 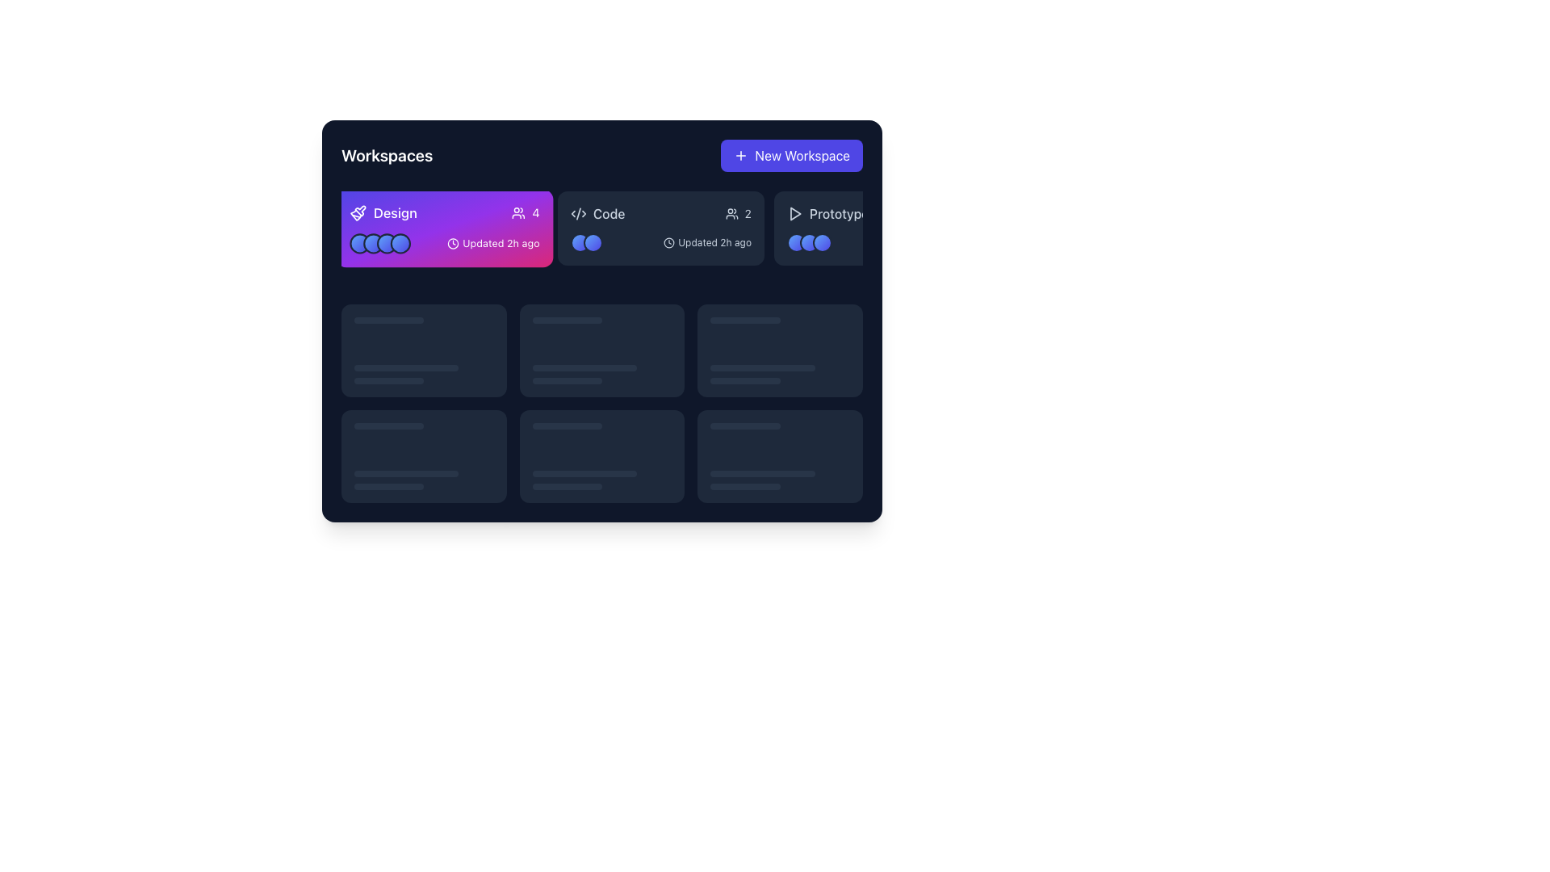 I want to click on the placeholder loading indicator, which consists of two horizontal dark-toned bars stacked vertically with rounded edges, located in the second row, rightmost column of a grid layout, so click(x=780, y=375).